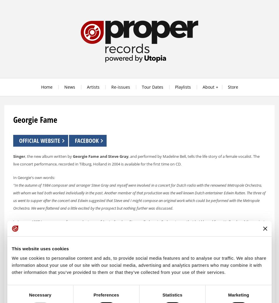  What do you see at coordinates (69, 87) in the screenshot?
I see `'News'` at bounding box center [69, 87].